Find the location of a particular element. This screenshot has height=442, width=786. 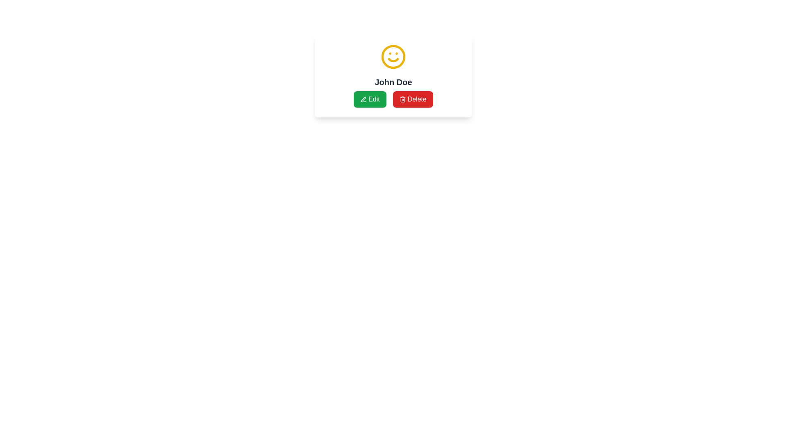

the Decorative graphic circle that is part of the smiley face icon located at the top portion of the card displaying the user's name 'John Doe' is located at coordinates (393, 56).